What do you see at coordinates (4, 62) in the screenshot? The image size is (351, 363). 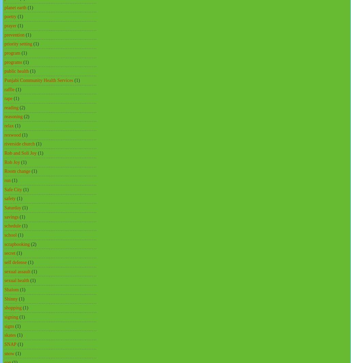 I see `'programs'` at bounding box center [4, 62].